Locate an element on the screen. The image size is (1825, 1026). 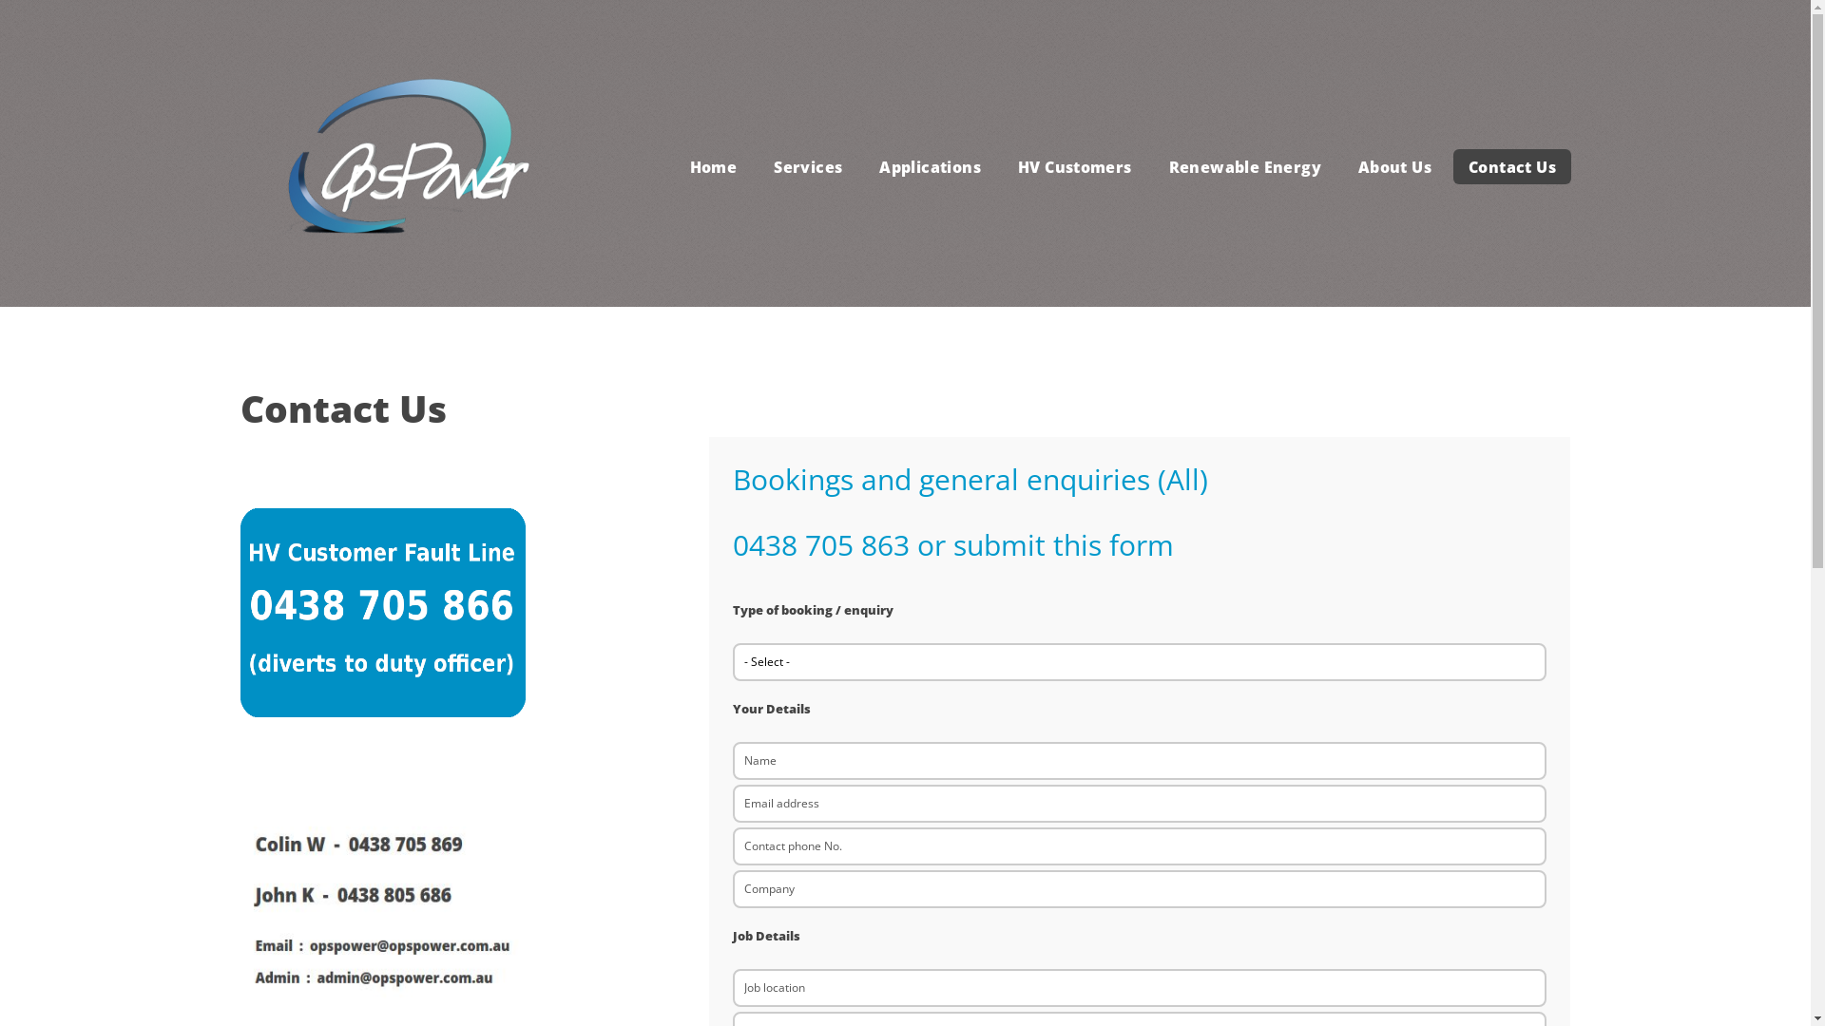
'Home' is located at coordinates (712, 166).